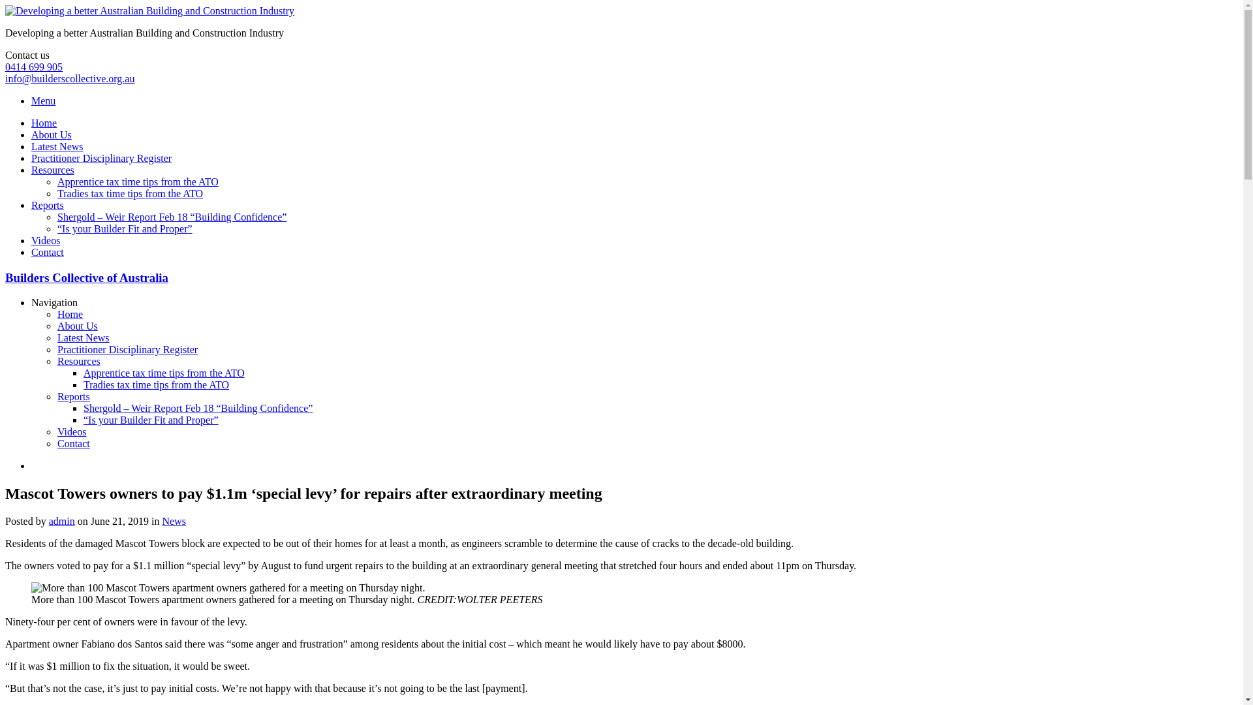 The height and width of the screenshot is (705, 1253). Describe the element at coordinates (44, 123) in the screenshot. I see `'Home'` at that location.